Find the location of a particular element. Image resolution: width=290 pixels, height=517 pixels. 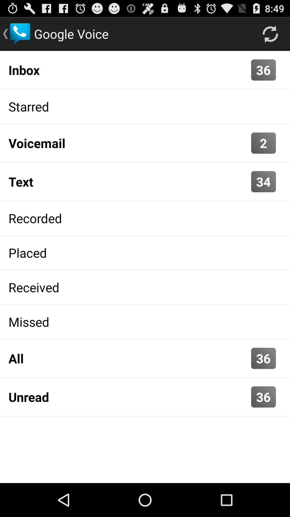

text icon is located at coordinates (128, 181).